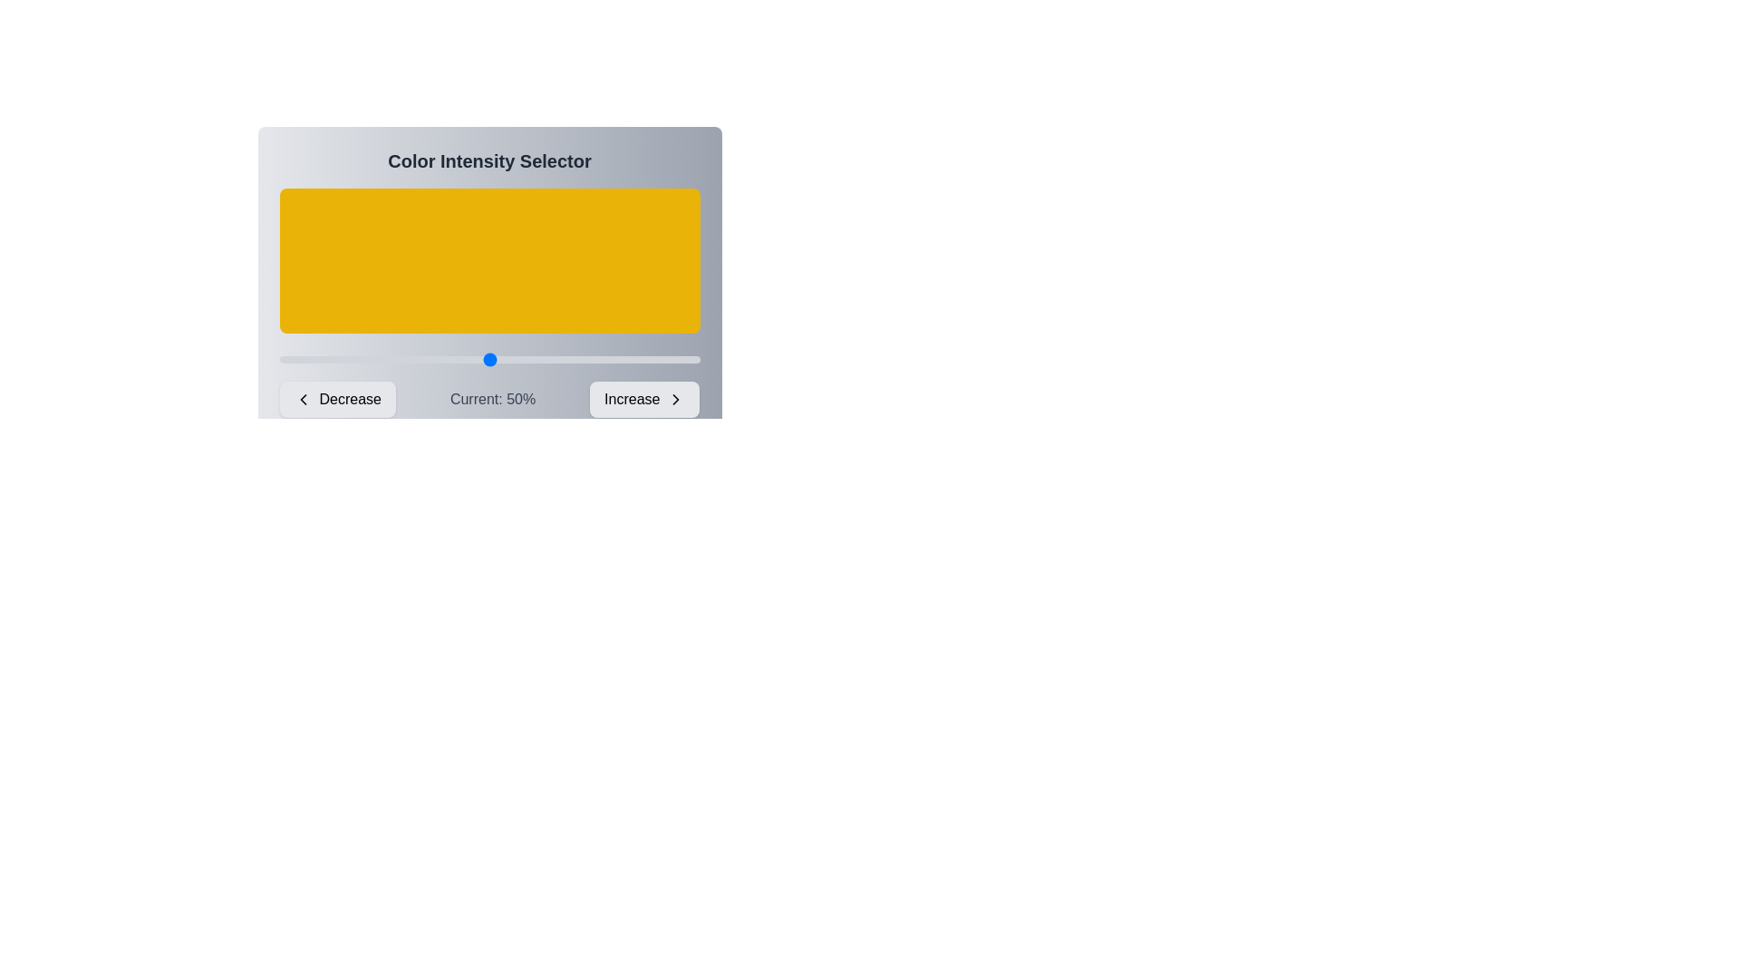 Image resolution: width=1740 pixels, height=979 pixels. What do you see at coordinates (675, 398) in the screenshot?
I see `the chevron icon that visually indicates increasing an attribute, located inside the 'Increase' button on the right side` at bounding box center [675, 398].